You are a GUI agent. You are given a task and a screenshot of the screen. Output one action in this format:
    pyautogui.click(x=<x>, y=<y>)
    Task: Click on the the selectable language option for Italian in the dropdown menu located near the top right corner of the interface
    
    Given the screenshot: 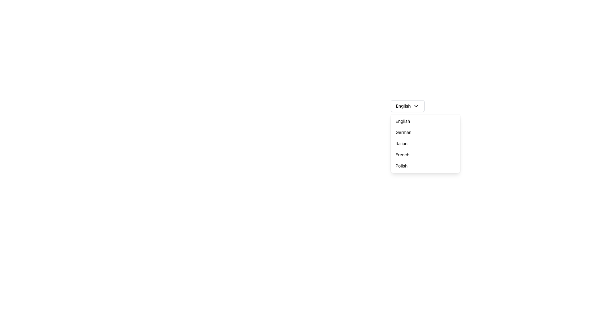 What is the action you would take?
    pyautogui.click(x=425, y=143)
    